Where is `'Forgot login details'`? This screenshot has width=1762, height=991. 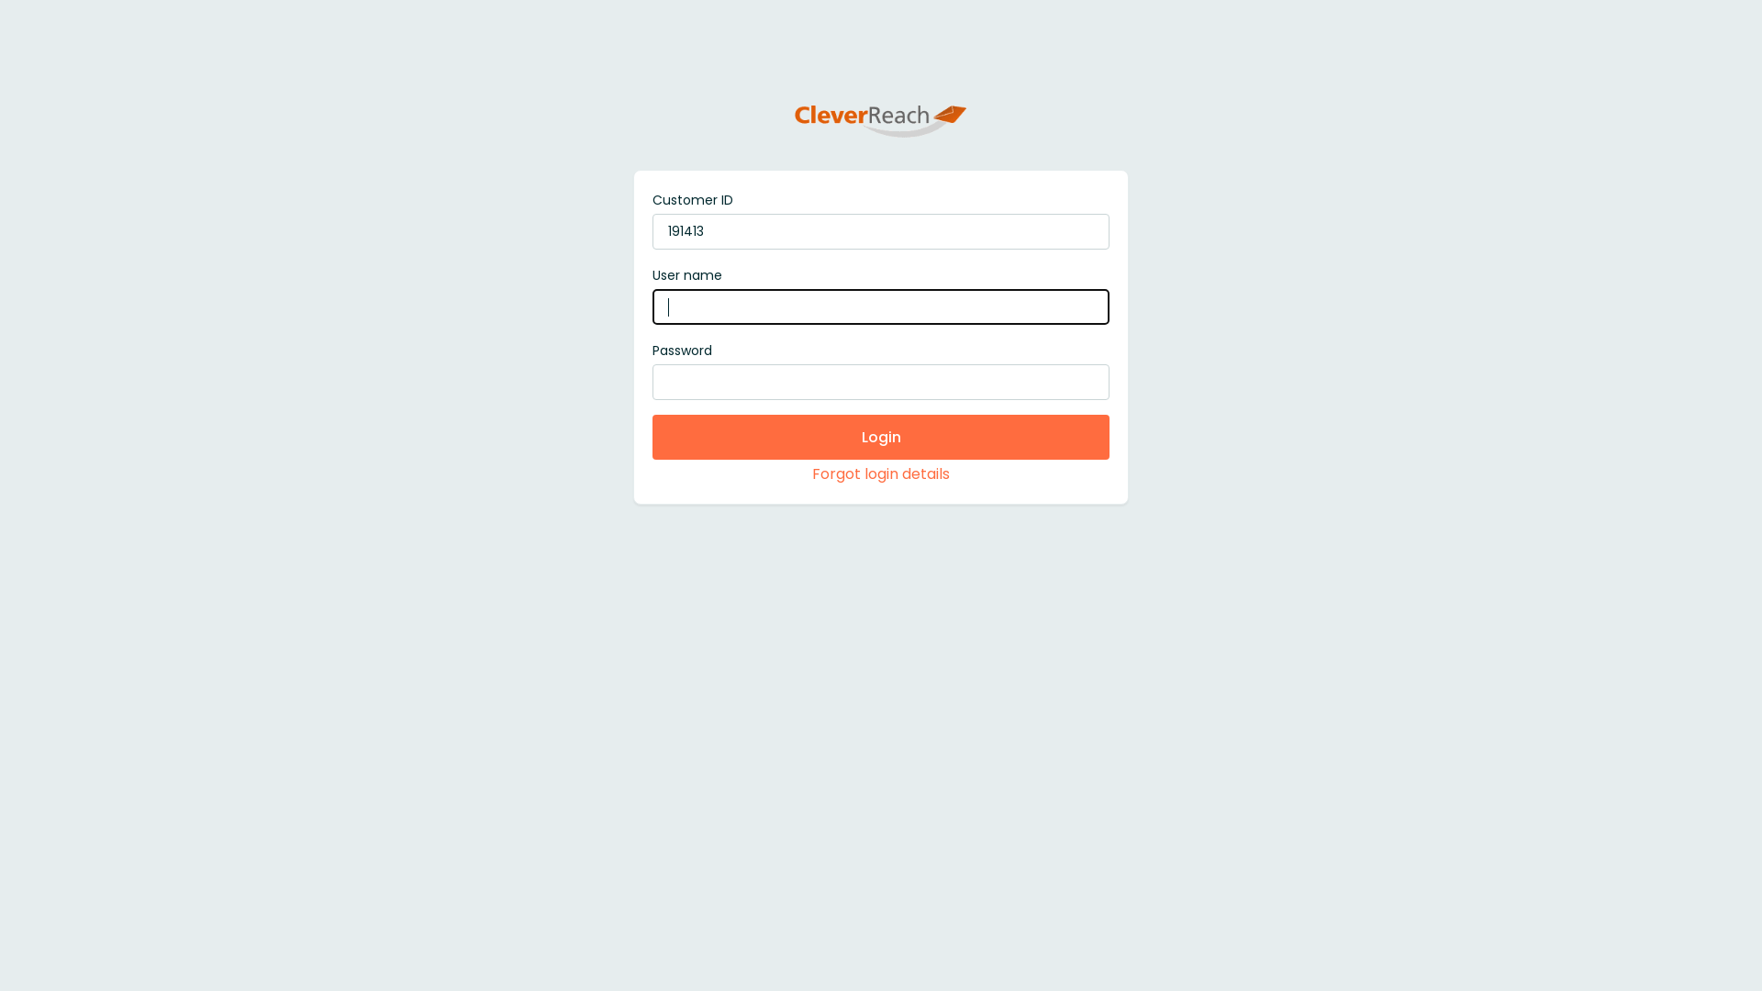
'Forgot login details' is located at coordinates (881, 473).